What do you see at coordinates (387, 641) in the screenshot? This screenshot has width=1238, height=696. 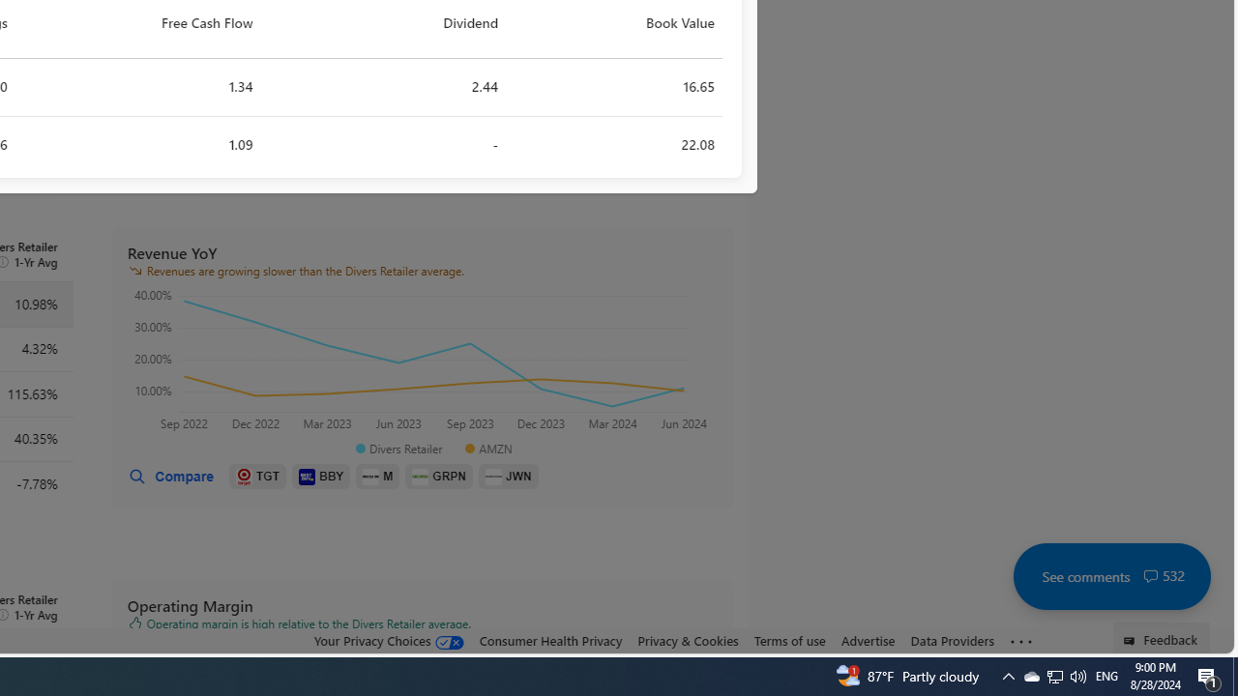 I see `'Your Privacy Choices'` at bounding box center [387, 641].